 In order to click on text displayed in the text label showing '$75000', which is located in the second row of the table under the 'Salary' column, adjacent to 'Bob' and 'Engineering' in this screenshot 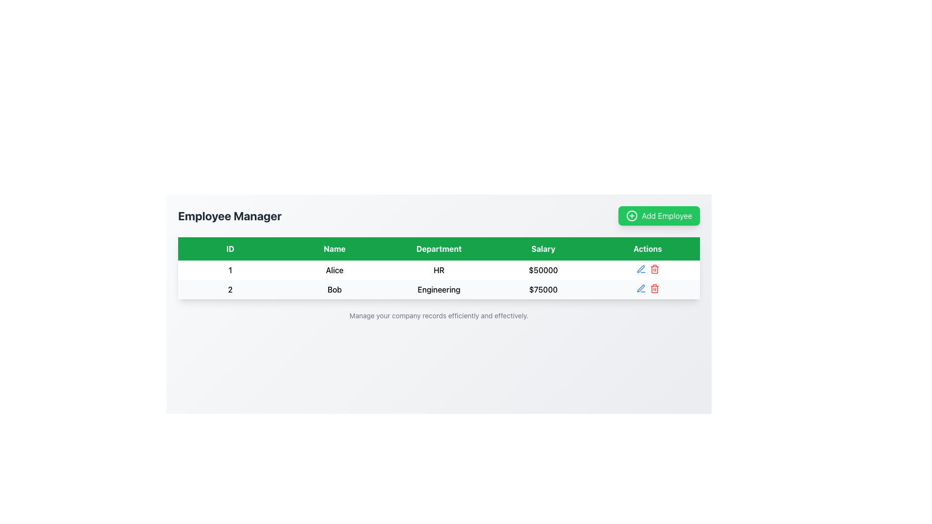, I will do `click(543, 289)`.